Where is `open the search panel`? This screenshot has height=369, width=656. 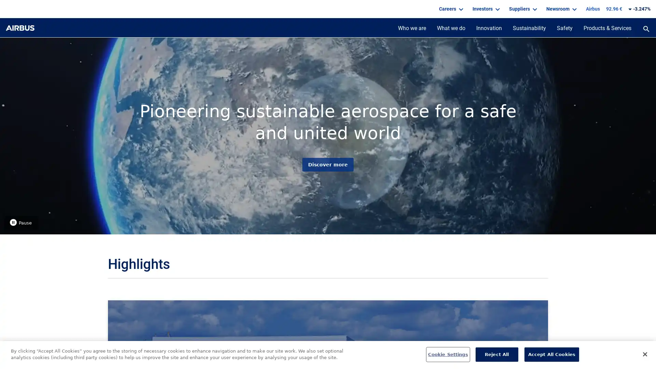 open the search panel is located at coordinates (646, 29).